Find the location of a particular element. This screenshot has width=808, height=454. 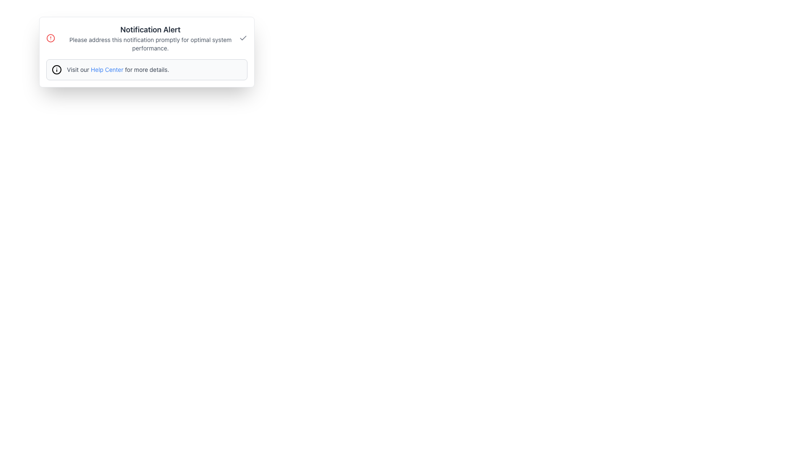

the informative text label that conveys the importance of addressing a notification, located below 'Notification Alert' and above additional instructions is located at coordinates (150, 44).